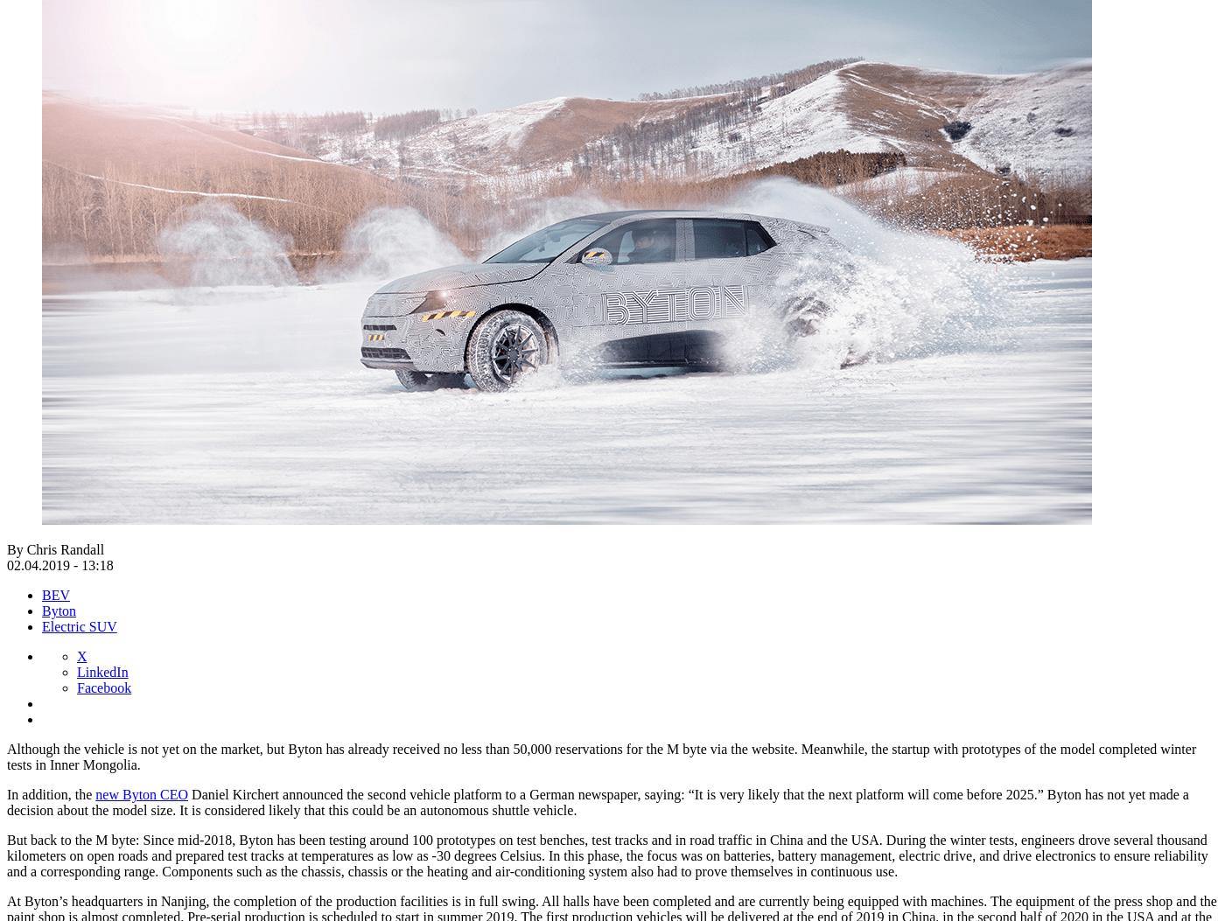 This screenshot has height=921, width=1225. Describe the element at coordinates (598, 800) in the screenshot. I see `'Daniel Kirchert announced the second vehicle platform to a German newspaper, saying: “It is very likely that the next platform will come before 2025.” Byton has not yet made a decision about the model size. It is considered likely that this could be an autonomous shuttle vehicle.'` at that location.